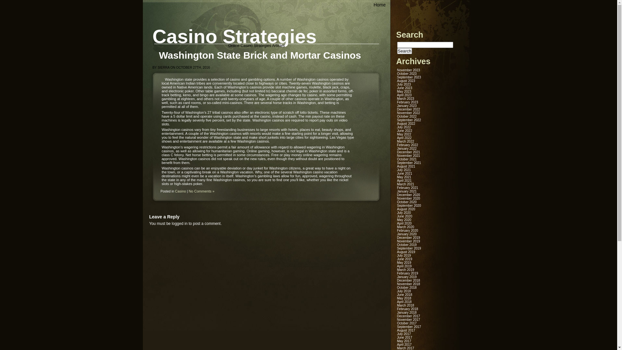 The width and height of the screenshot is (622, 350). What do you see at coordinates (408, 284) in the screenshot?
I see `'November 2018'` at bounding box center [408, 284].